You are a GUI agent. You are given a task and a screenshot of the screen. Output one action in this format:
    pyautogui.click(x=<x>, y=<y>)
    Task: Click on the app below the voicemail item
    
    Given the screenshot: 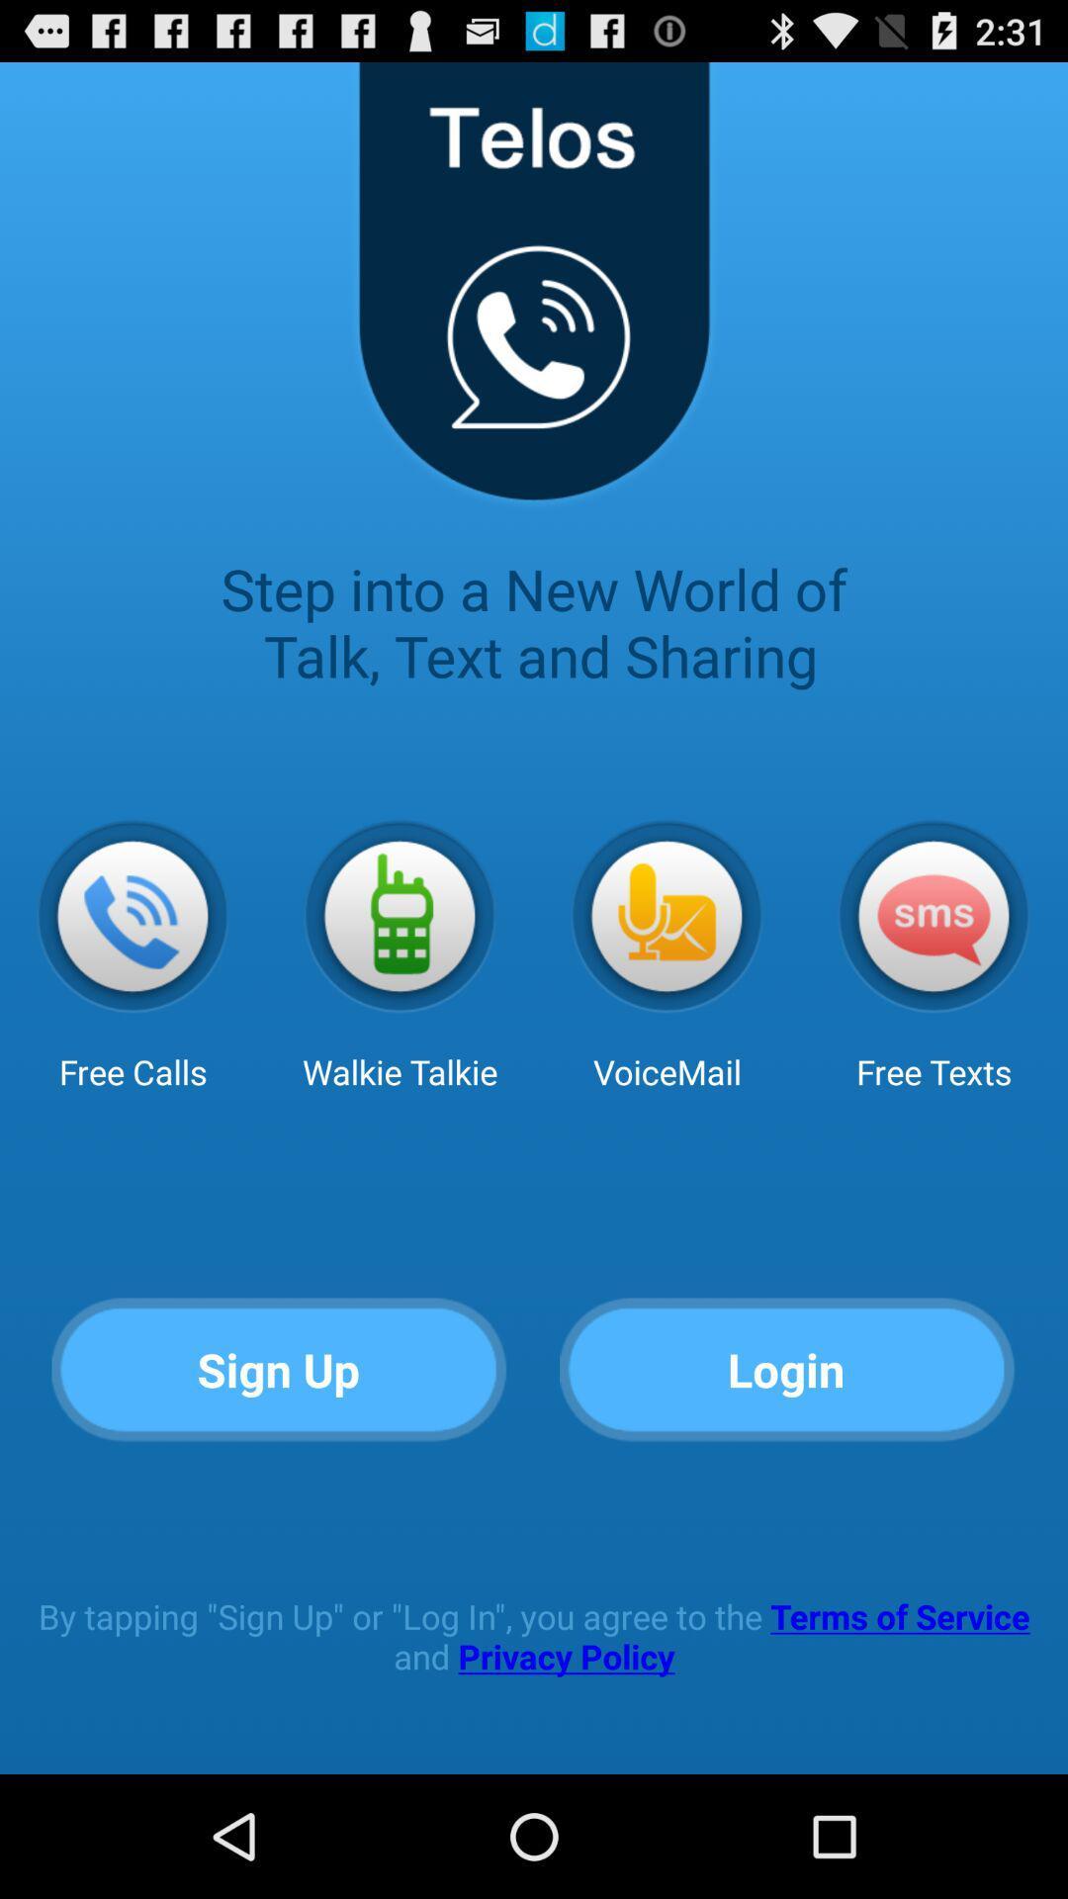 What is the action you would take?
    pyautogui.click(x=786, y=1370)
    